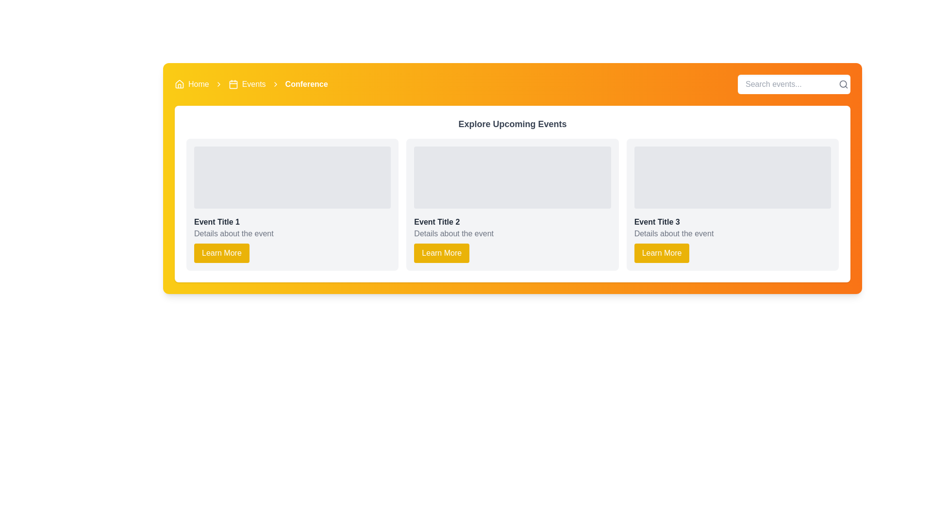 The image size is (932, 524). Describe the element at coordinates (233, 84) in the screenshot. I see `the Decorative SVG rectangle located inside the calendar icon in the breadcrumb navigation, which is styled in a color consistent with the calendar icon` at that location.